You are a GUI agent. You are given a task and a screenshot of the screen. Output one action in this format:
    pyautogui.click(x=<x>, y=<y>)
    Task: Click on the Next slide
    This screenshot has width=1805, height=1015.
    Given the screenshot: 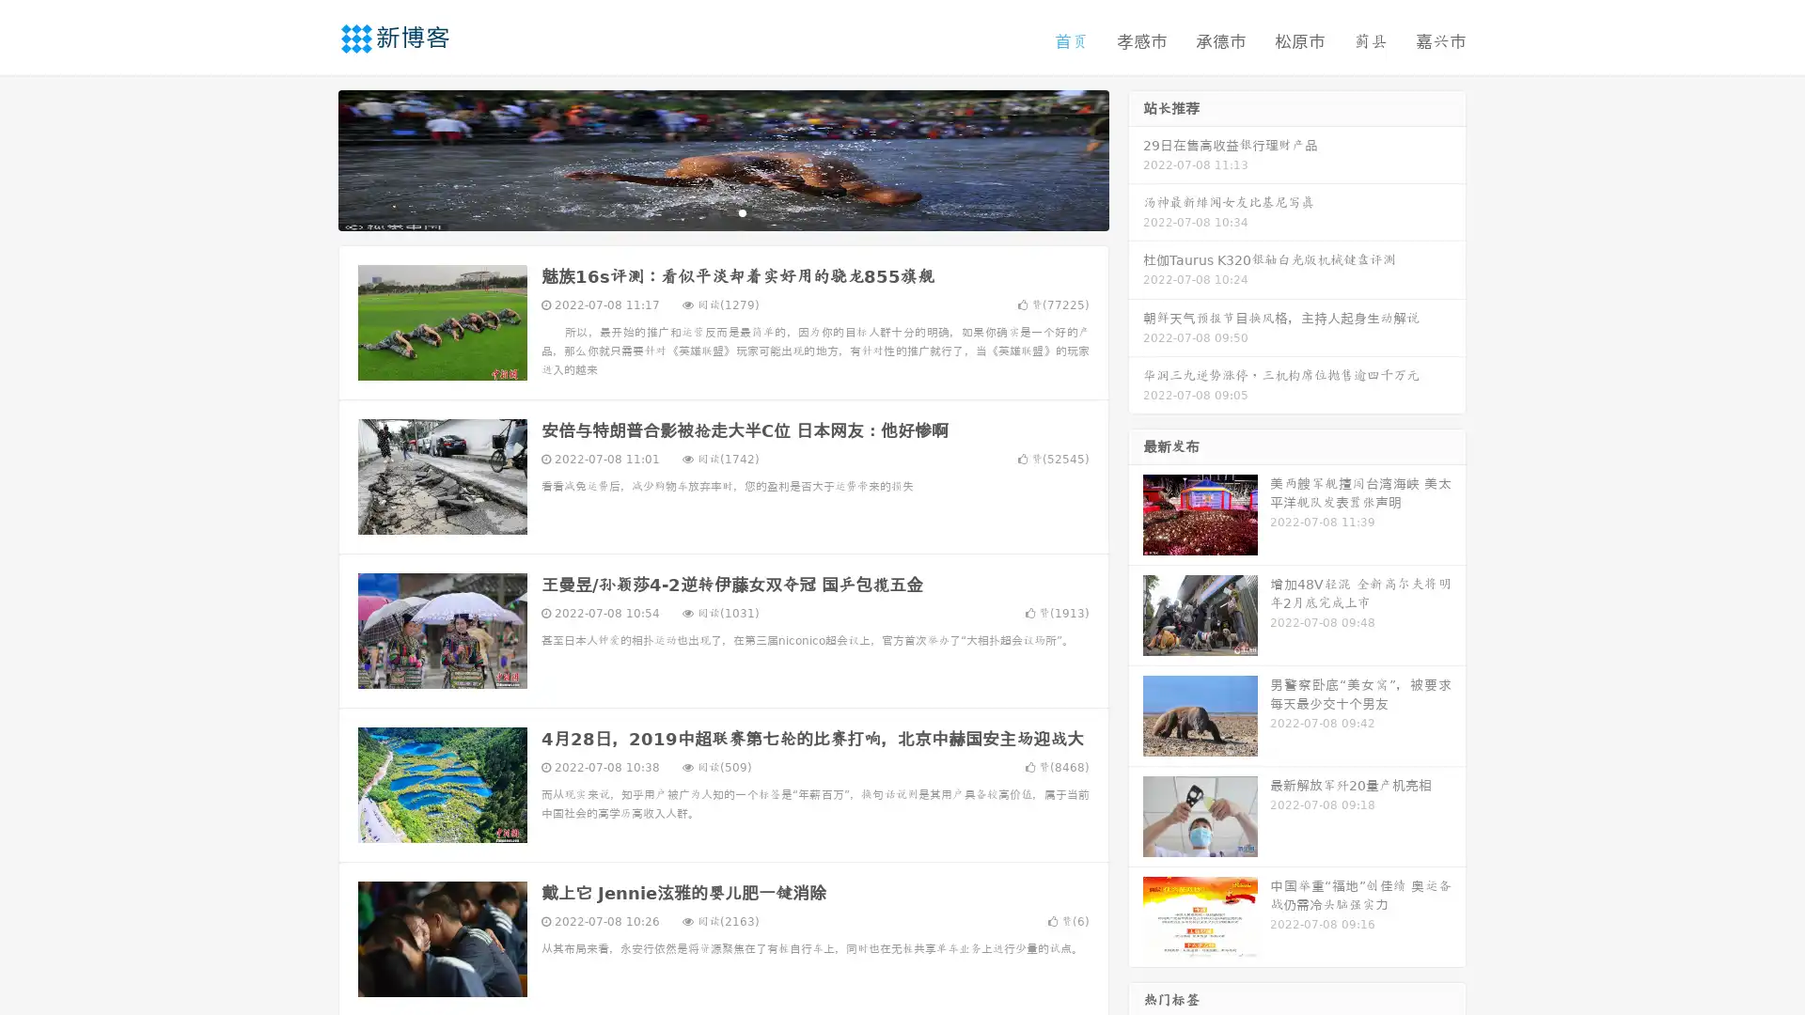 What is the action you would take?
    pyautogui.click(x=1136, y=158)
    